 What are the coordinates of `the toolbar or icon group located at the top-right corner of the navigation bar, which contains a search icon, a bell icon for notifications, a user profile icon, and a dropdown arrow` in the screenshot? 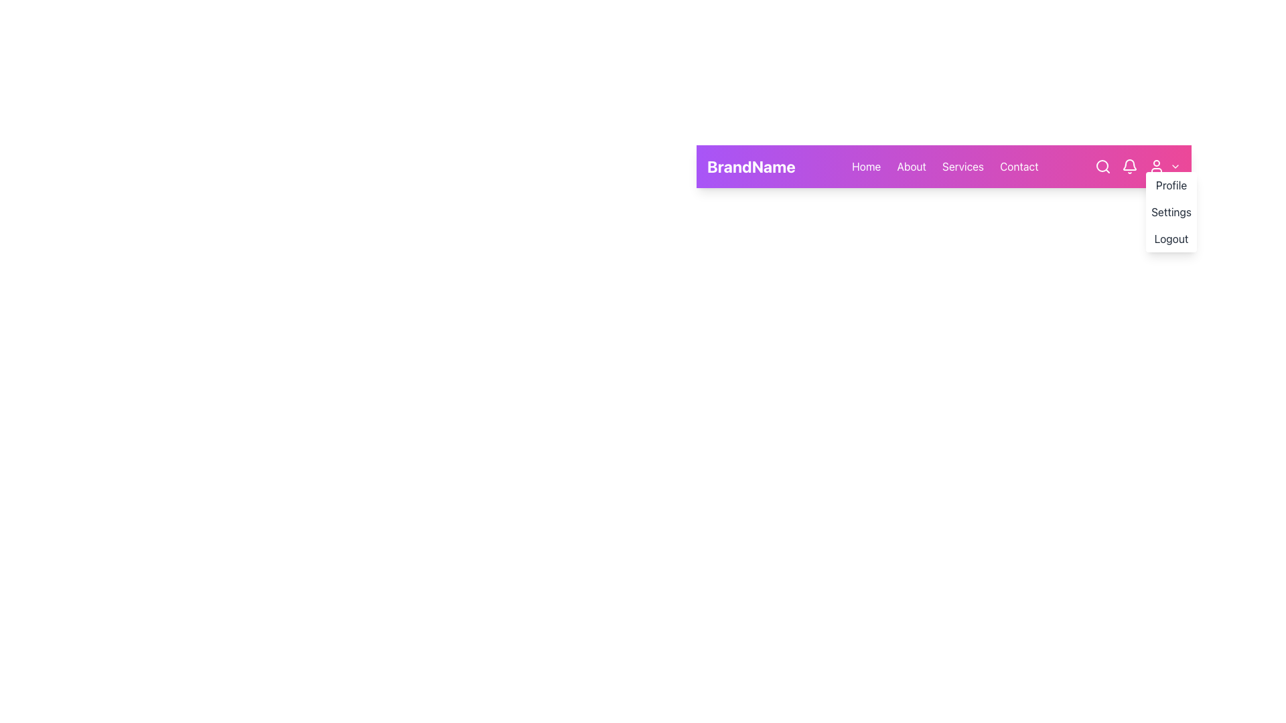 It's located at (1137, 166).